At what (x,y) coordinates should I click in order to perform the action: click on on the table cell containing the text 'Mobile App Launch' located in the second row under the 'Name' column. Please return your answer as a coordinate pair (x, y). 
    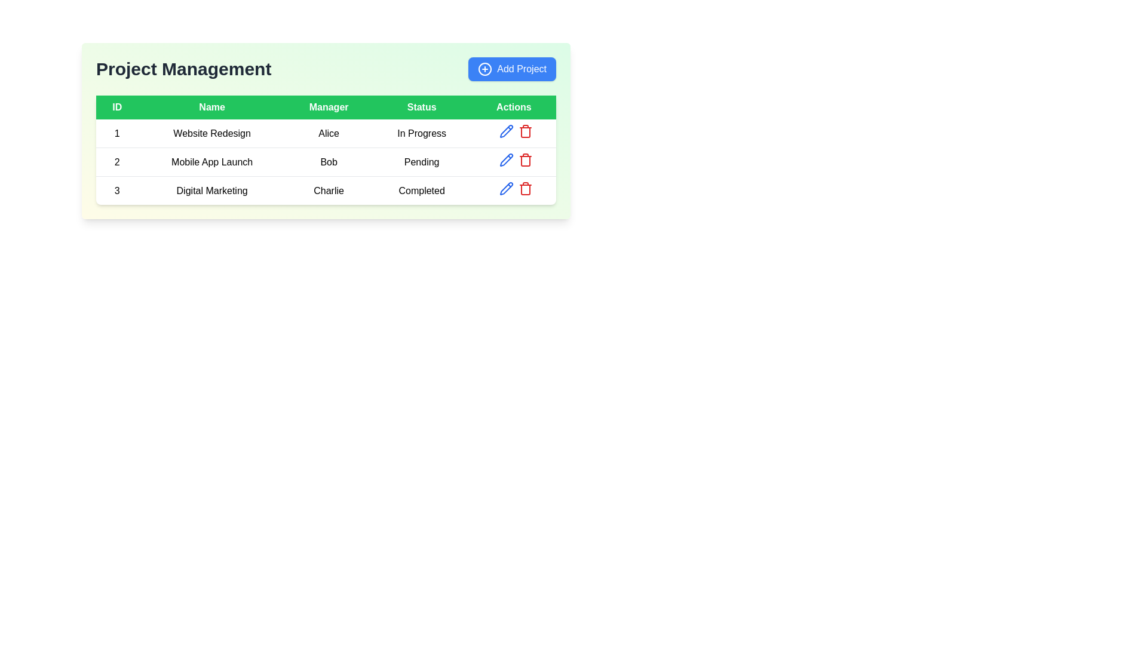
    Looking at the image, I should click on (212, 162).